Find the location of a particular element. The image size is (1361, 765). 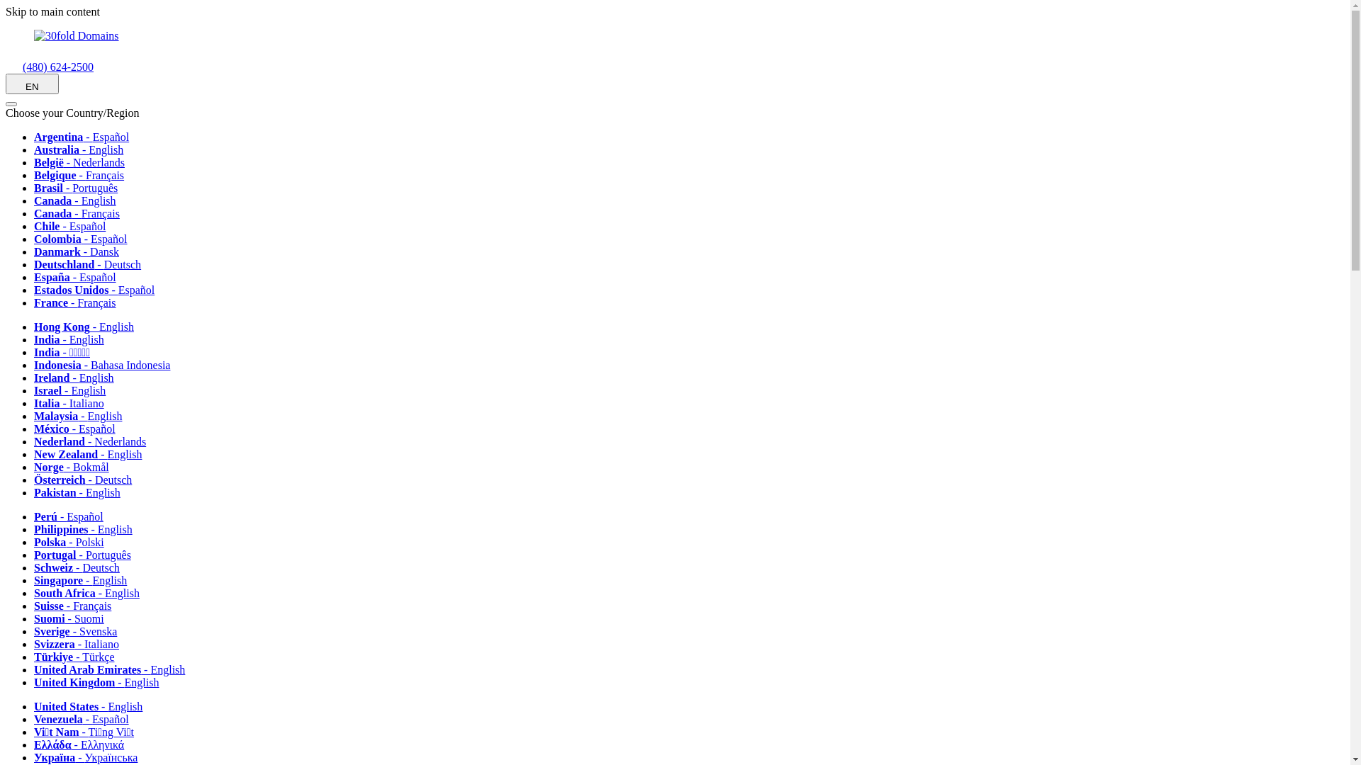

'United Kingdom - English' is located at coordinates (34, 681).